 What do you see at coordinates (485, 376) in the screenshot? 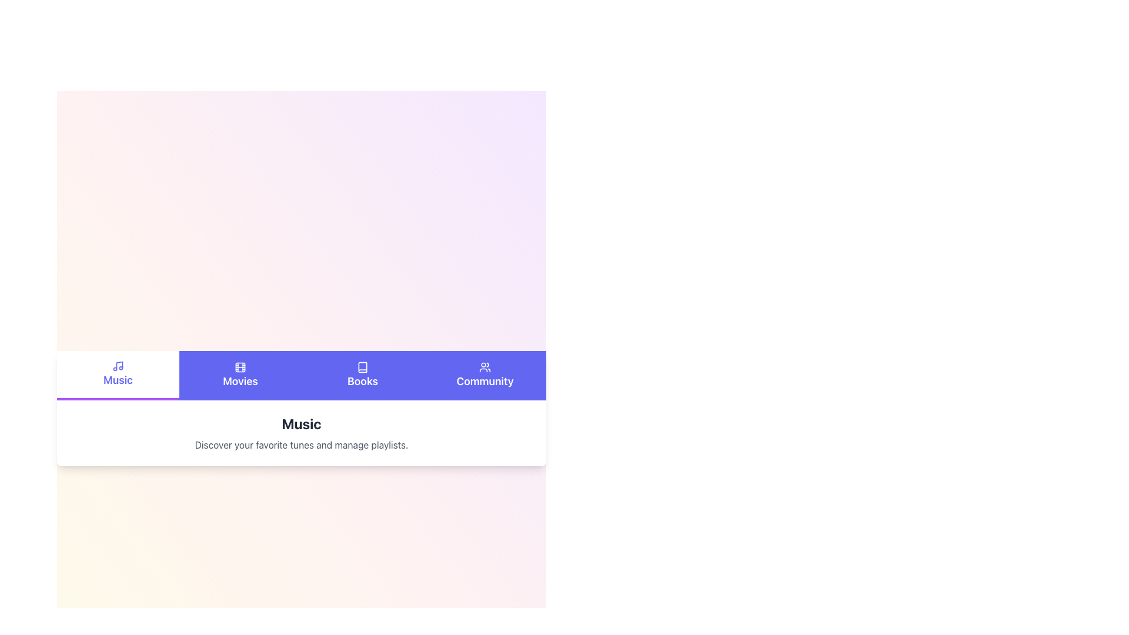
I see `the 'Community' navigation menu item, which is the fourth item in the horizontal menu bar with a blue background and a white icon of a group of people above the label 'Community'` at bounding box center [485, 376].